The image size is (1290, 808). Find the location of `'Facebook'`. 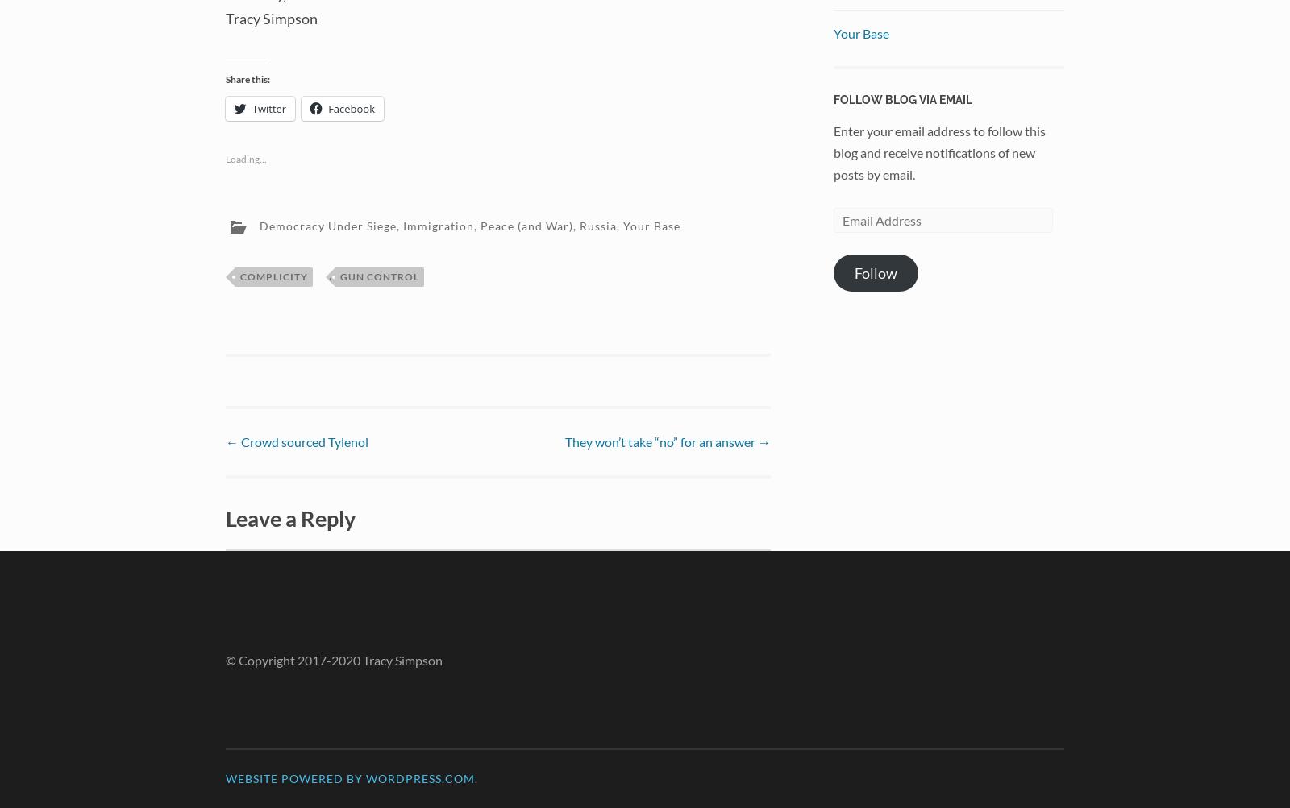

'Facebook' is located at coordinates (351, 107).